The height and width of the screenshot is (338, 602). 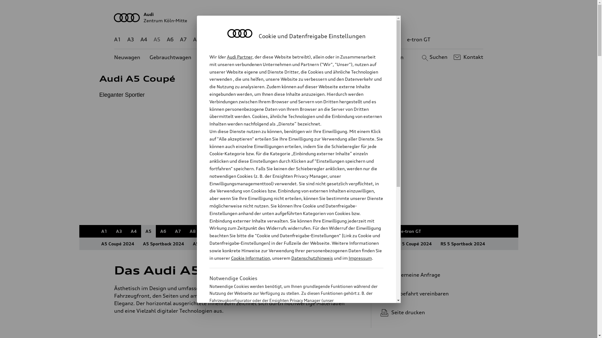 I want to click on 'Probefahrt vereinbaren', so click(x=429, y=293).